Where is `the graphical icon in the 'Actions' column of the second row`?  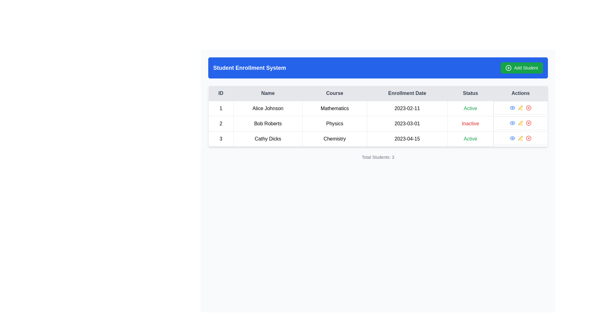
the graphical icon in the 'Actions' column of the second row is located at coordinates (528, 123).